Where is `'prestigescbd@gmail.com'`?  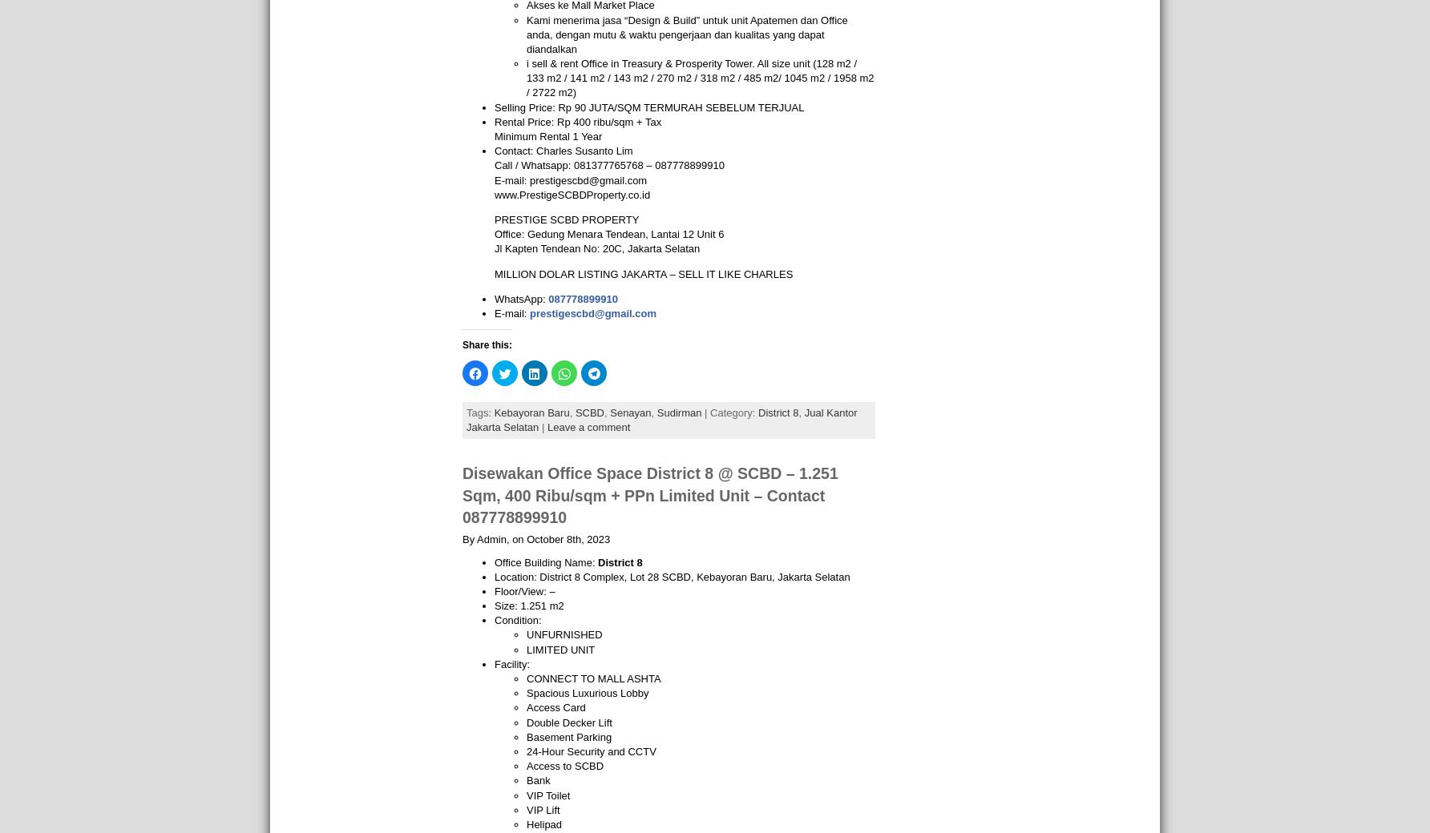 'prestigescbd@gmail.com' is located at coordinates (592, 312).